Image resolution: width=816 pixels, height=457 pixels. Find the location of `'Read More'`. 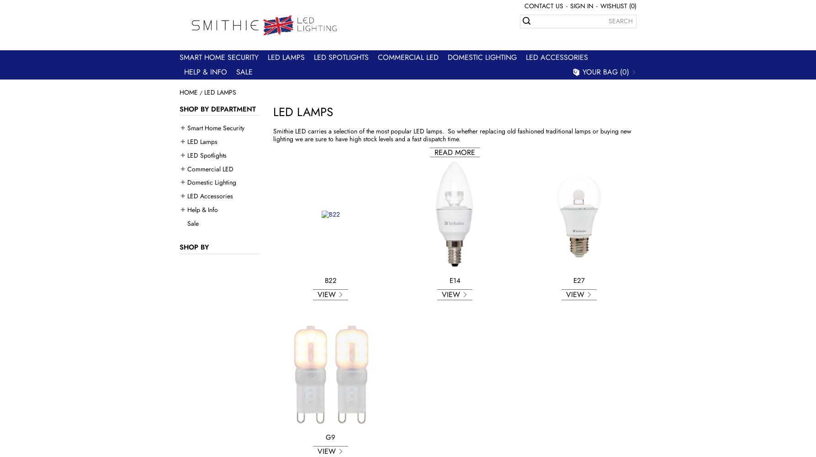

'Read More' is located at coordinates (434, 151).